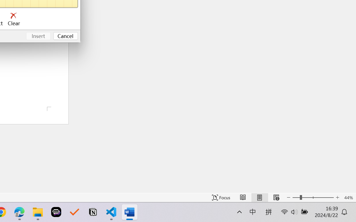  I want to click on 'Clear', so click(14, 19).